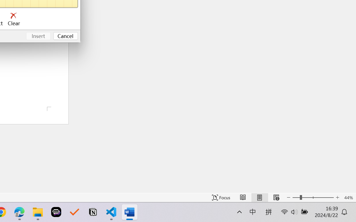  I want to click on 'Clear', so click(14, 19).